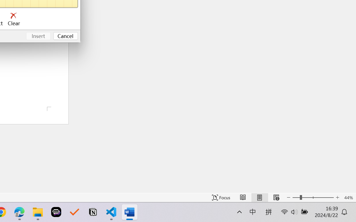  I want to click on 'Clear', so click(14, 19).